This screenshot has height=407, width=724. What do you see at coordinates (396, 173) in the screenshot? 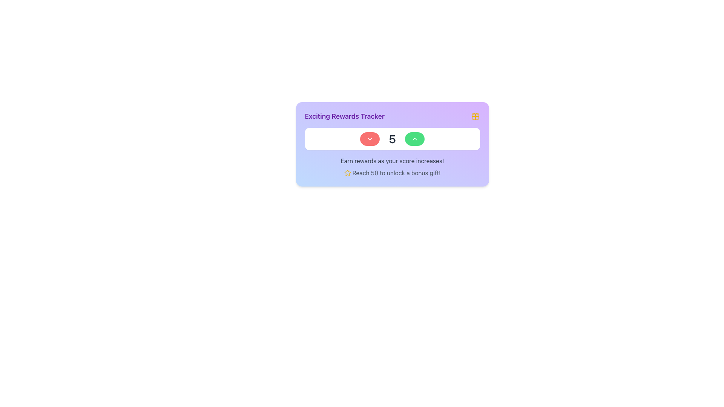
I see `the informational static text label that indicates the condition for unlocking a reward at a score of 50, located at the bottom section of the 'Exciting Rewards Tracker' card` at bounding box center [396, 173].